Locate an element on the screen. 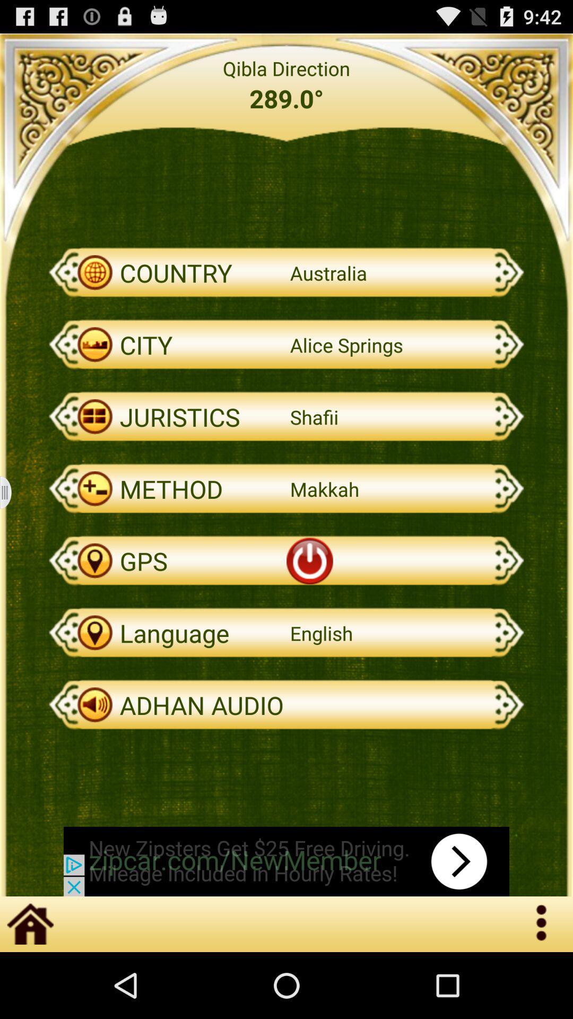 The image size is (573, 1019). advertisements website is located at coordinates (286, 861).